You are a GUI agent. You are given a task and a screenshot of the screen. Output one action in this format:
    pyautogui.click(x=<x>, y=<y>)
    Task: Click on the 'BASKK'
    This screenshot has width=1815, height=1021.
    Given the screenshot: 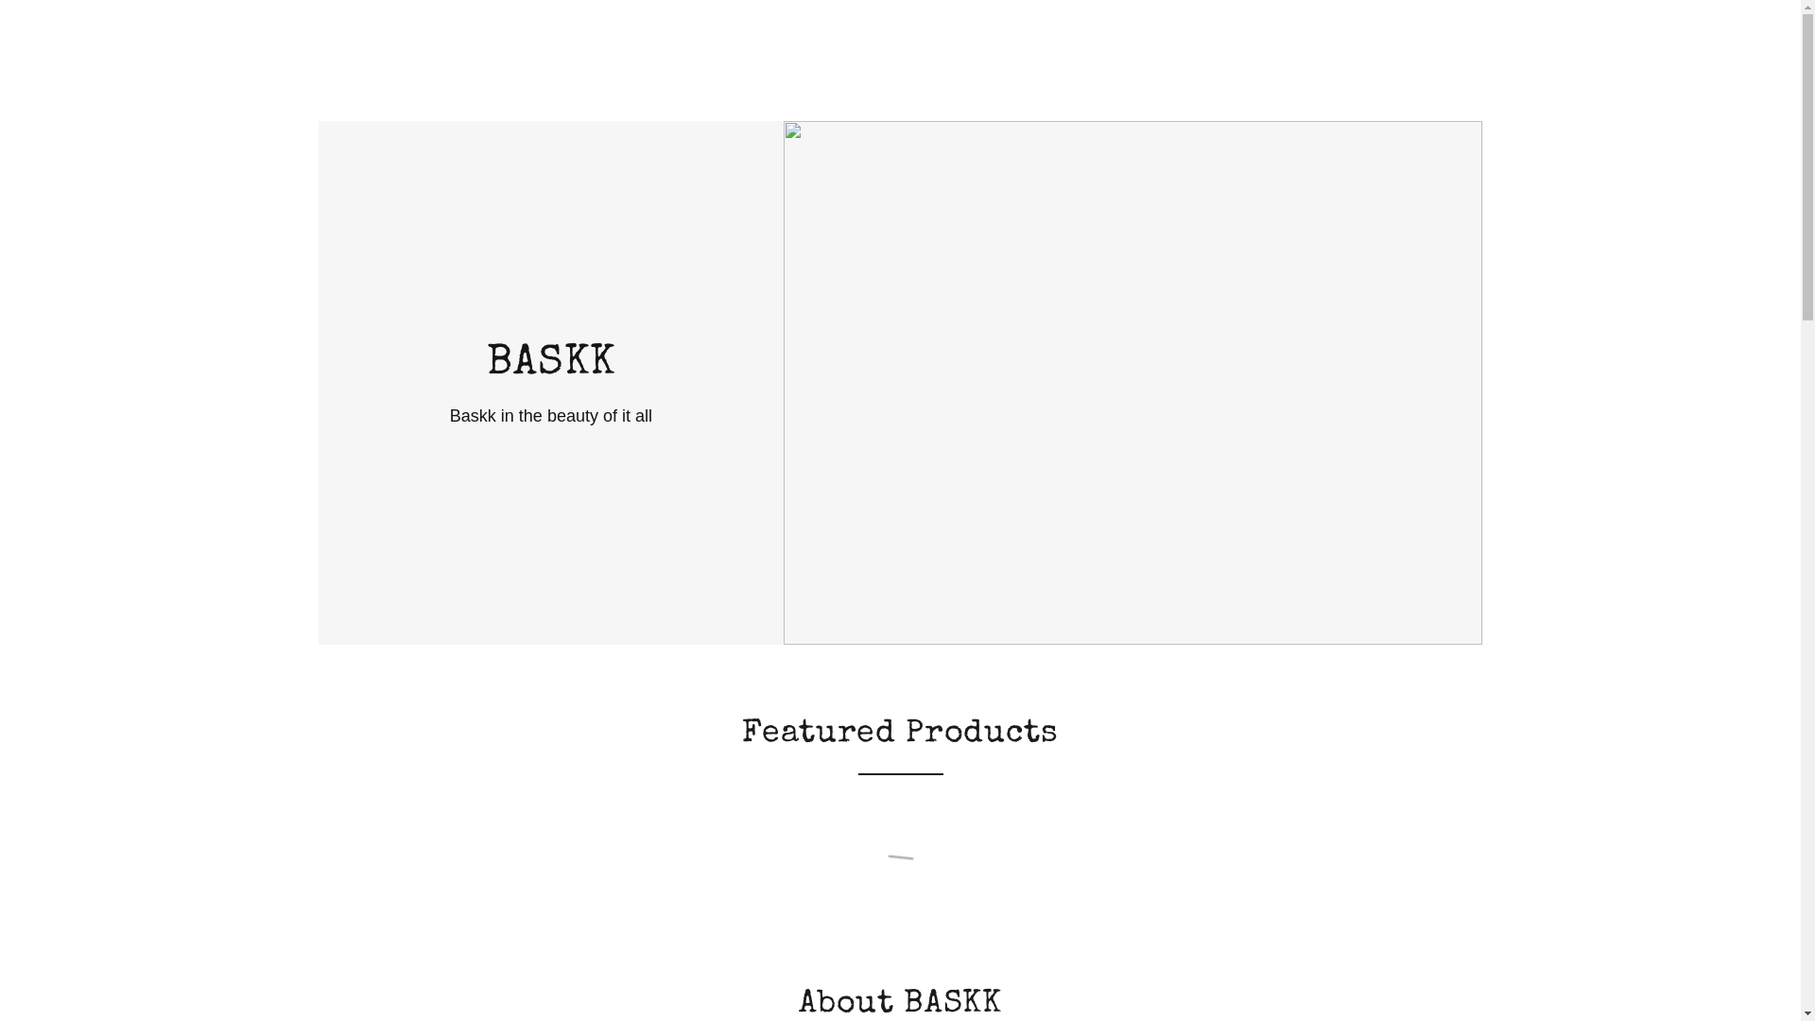 What is the action you would take?
    pyautogui.click(x=549, y=368)
    